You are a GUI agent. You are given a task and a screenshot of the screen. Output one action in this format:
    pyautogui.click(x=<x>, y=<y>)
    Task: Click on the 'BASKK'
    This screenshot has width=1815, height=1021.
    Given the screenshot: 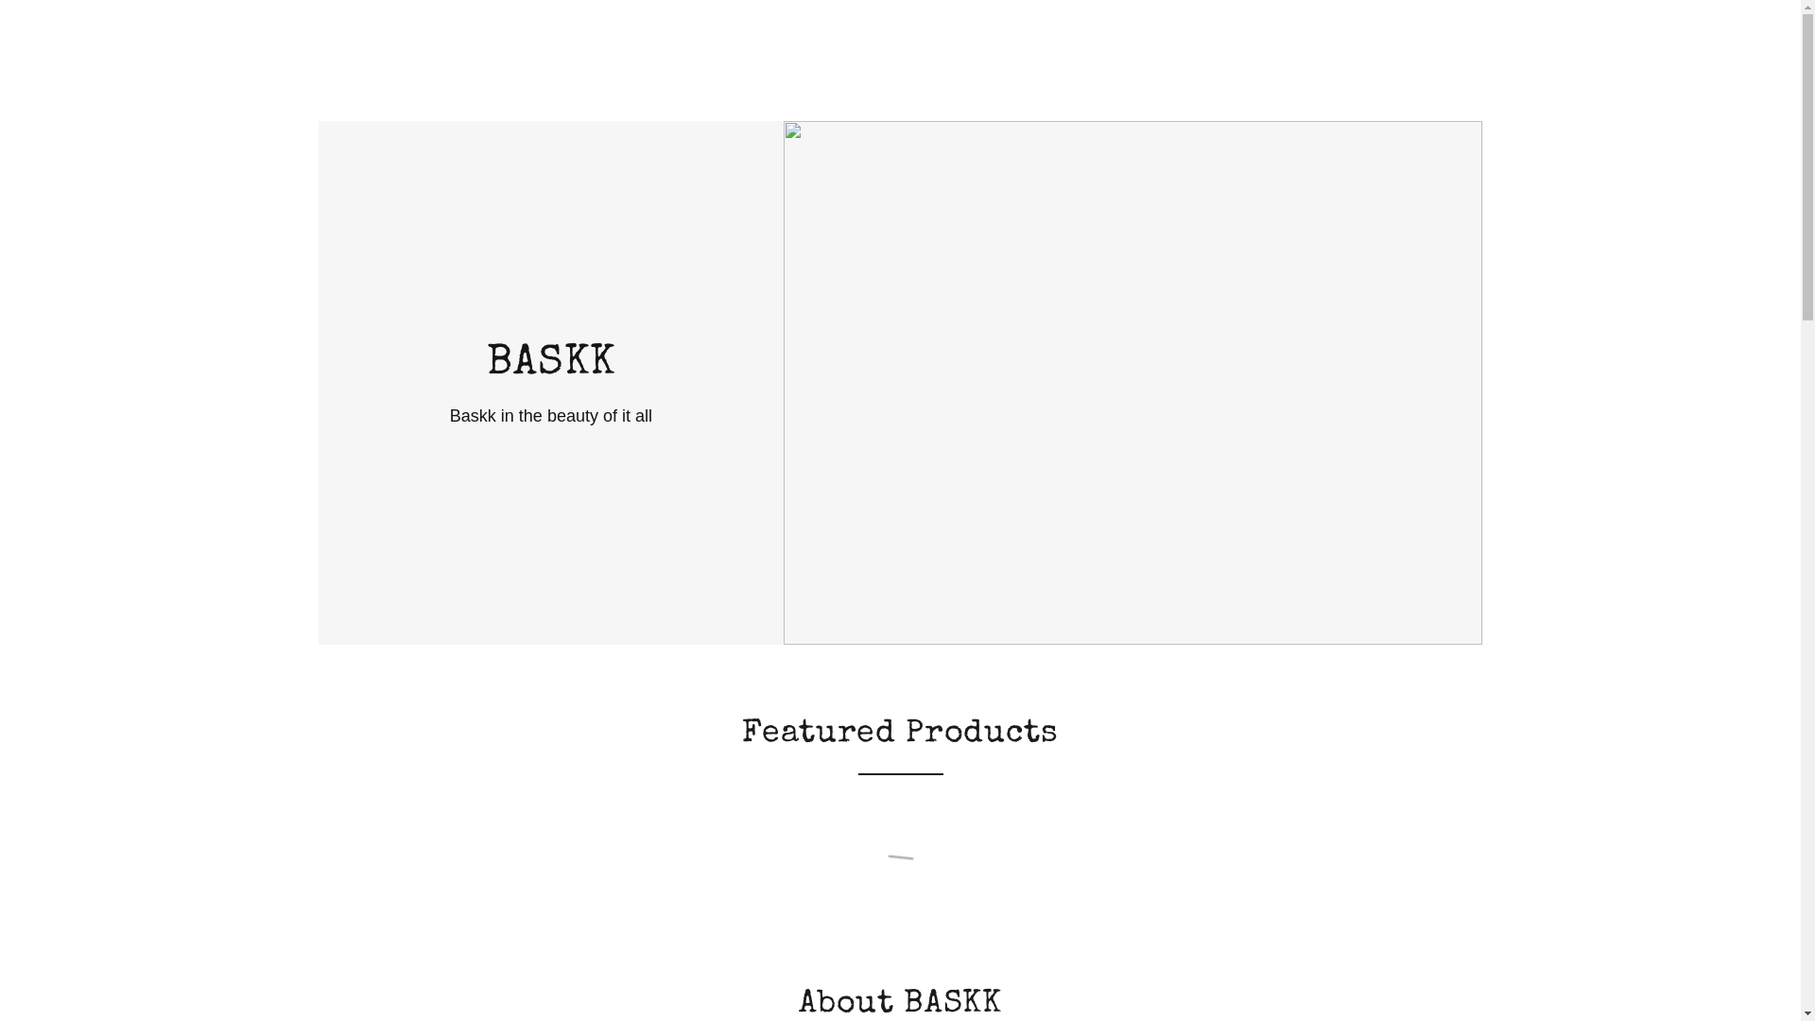 What is the action you would take?
    pyautogui.click(x=549, y=368)
    